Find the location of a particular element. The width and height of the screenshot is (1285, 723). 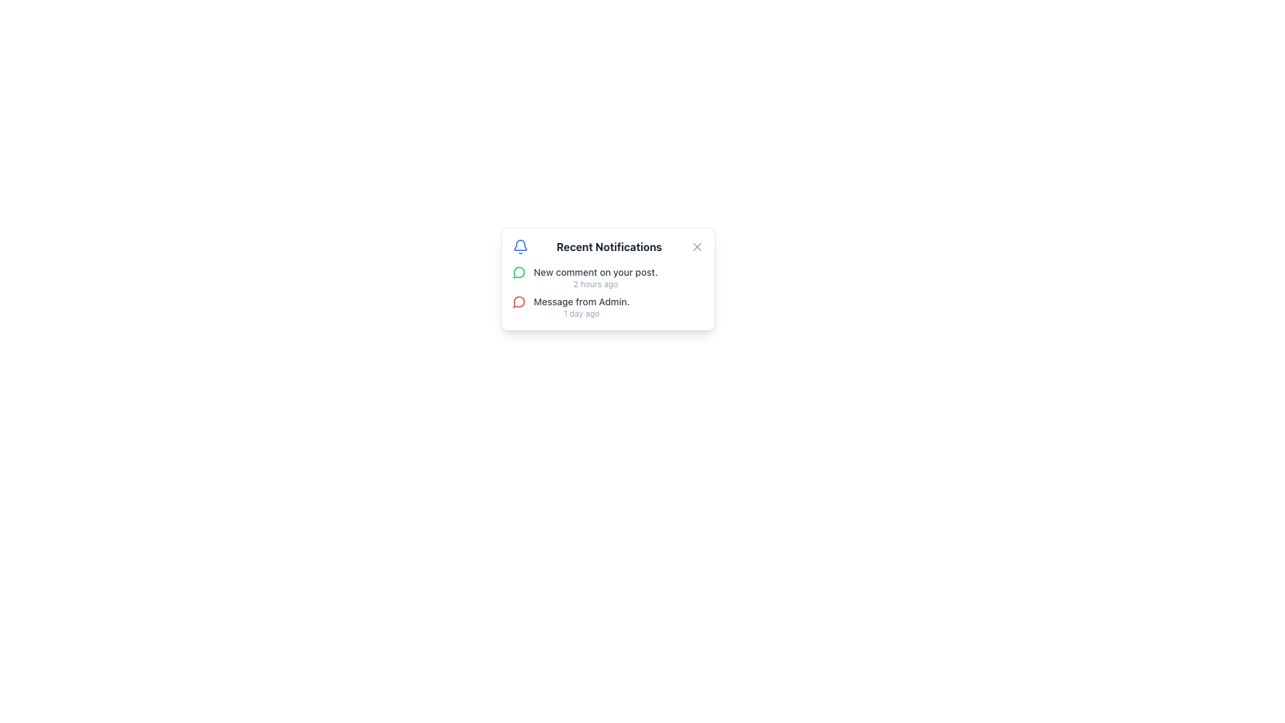

the timestamp text label that indicates the timing of the associated action within the notification card, located below the text 'New comment on your post.' is located at coordinates (595, 283).